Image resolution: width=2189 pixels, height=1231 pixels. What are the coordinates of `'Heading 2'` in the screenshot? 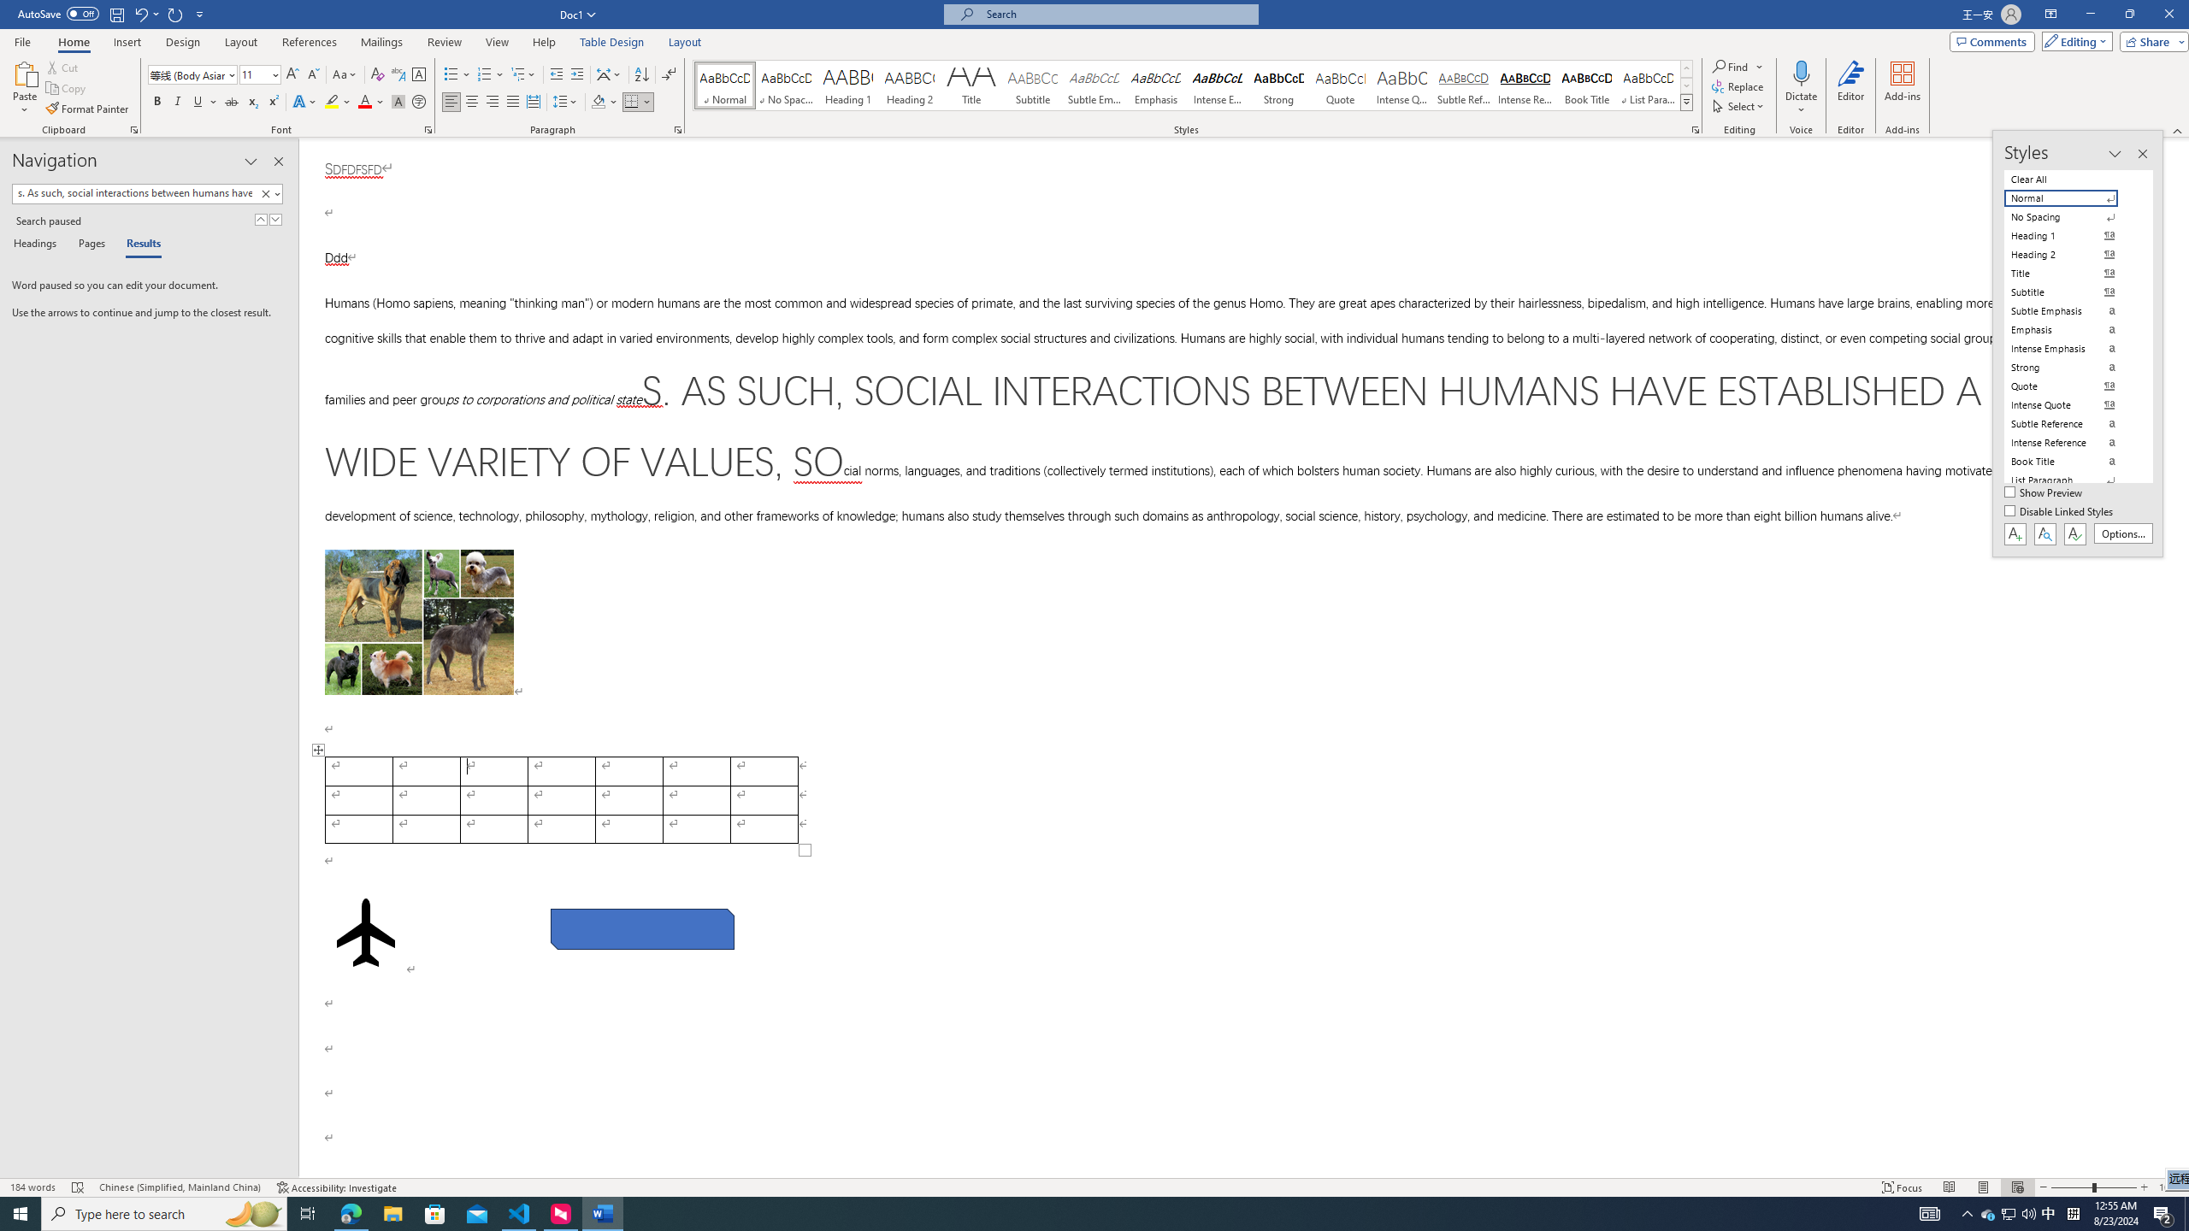 It's located at (909, 85).